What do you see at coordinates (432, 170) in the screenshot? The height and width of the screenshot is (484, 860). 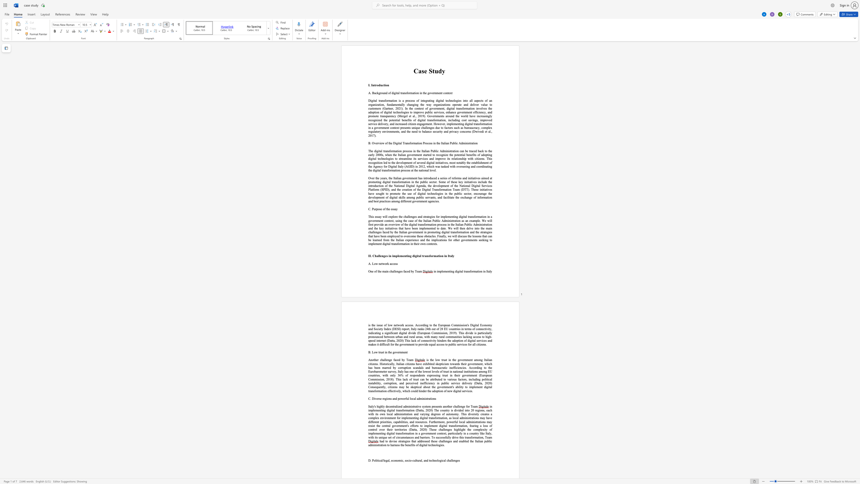 I see `the space between the continuous character "e" and "v" in the text` at bounding box center [432, 170].